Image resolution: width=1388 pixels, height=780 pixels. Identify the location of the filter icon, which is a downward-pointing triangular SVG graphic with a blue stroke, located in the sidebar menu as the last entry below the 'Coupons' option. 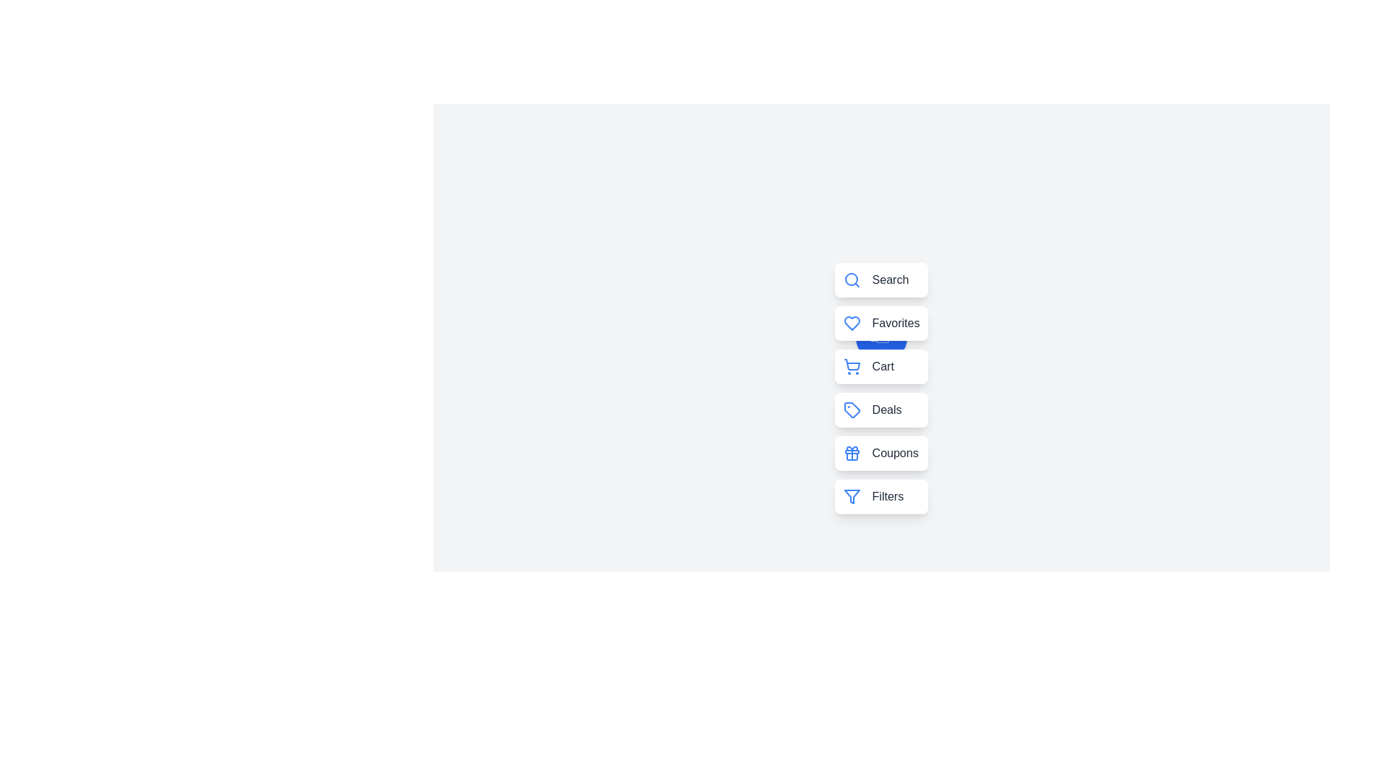
(852, 495).